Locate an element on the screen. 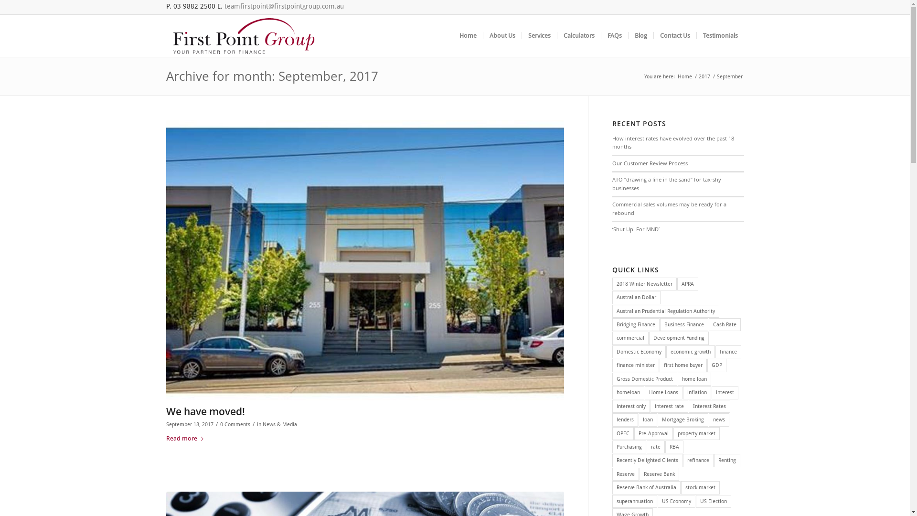  'inflation' is located at coordinates (682, 392).